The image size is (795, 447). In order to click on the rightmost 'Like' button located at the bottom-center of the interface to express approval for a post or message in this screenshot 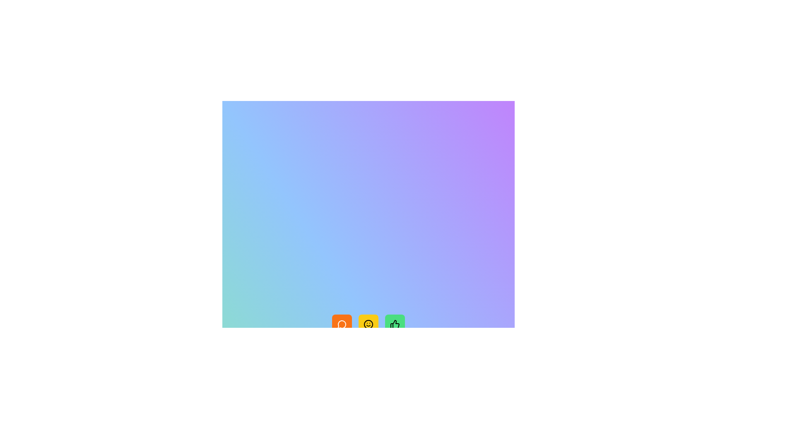, I will do `click(395, 324)`.